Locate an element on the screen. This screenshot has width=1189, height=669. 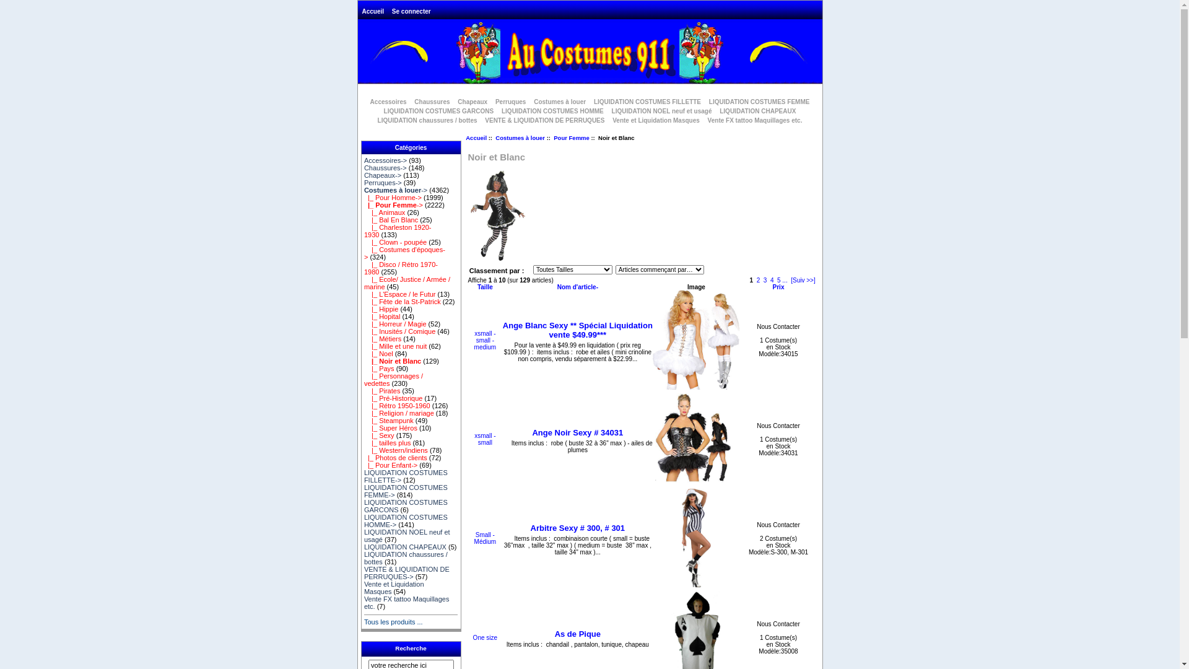
'One size' is located at coordinates (484, 637).